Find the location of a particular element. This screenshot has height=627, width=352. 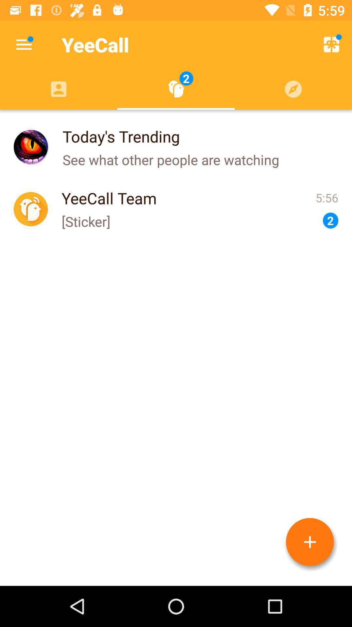

call is located at coordinates (310, 542).